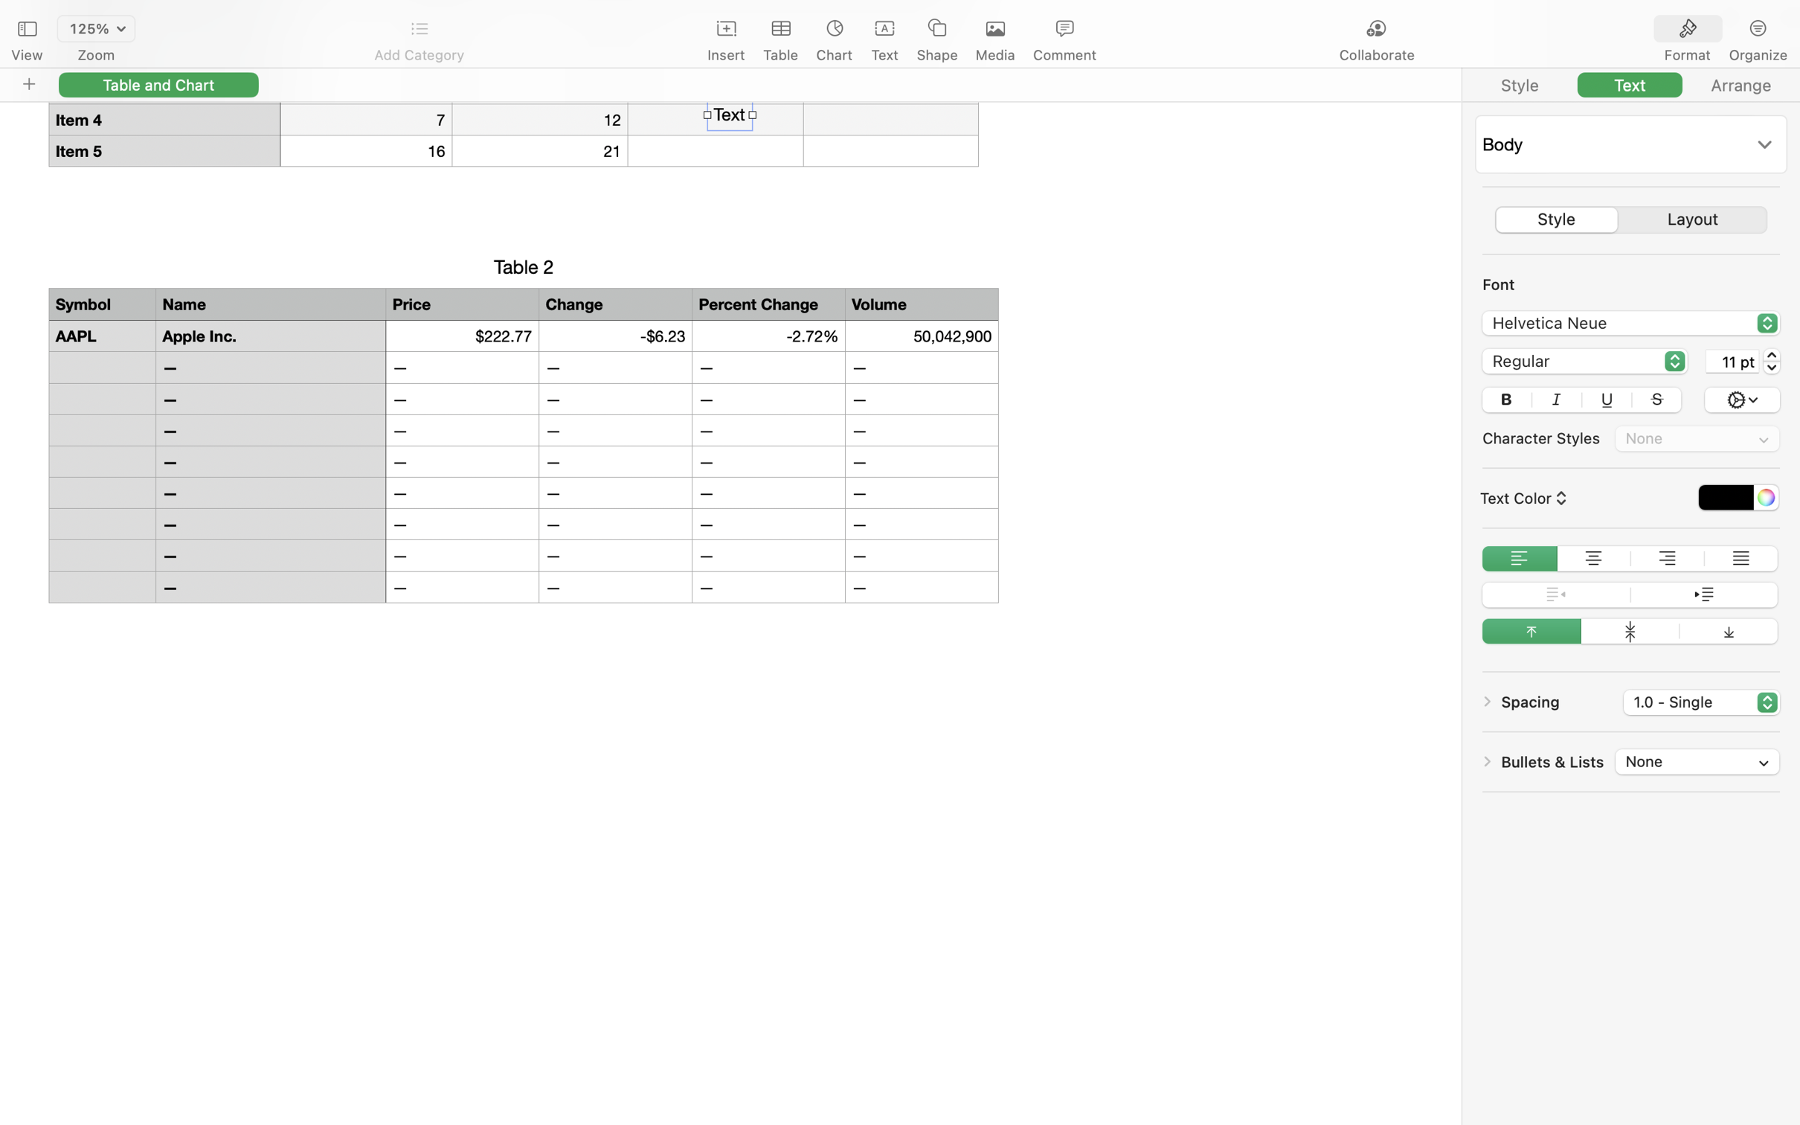 The width and height of the screenshot is (1800, 1125). I want to click on '<AXUIElement 0x10fda3fc0> {pid=1420}', so click(1723, 28).